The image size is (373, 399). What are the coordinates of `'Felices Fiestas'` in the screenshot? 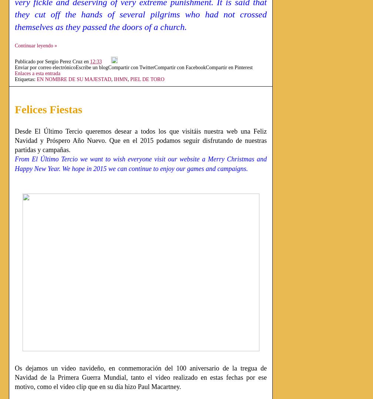 It's located at (48, 109).